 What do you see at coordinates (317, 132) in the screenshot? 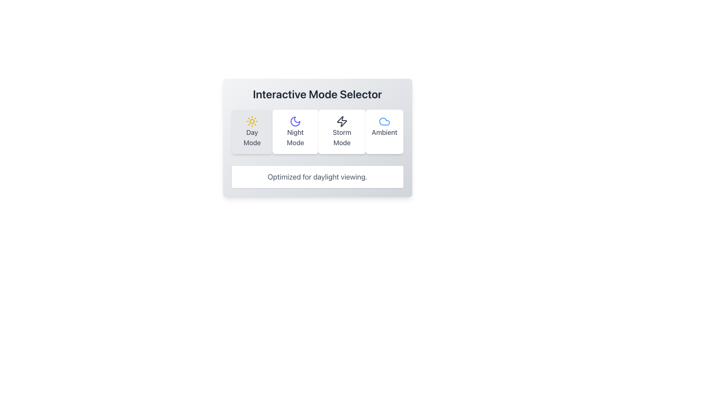
I see `the Button Group in the 'Interactive Mode Selector' section by tabbing through each button sequentially` at bounding box center [317, 132].